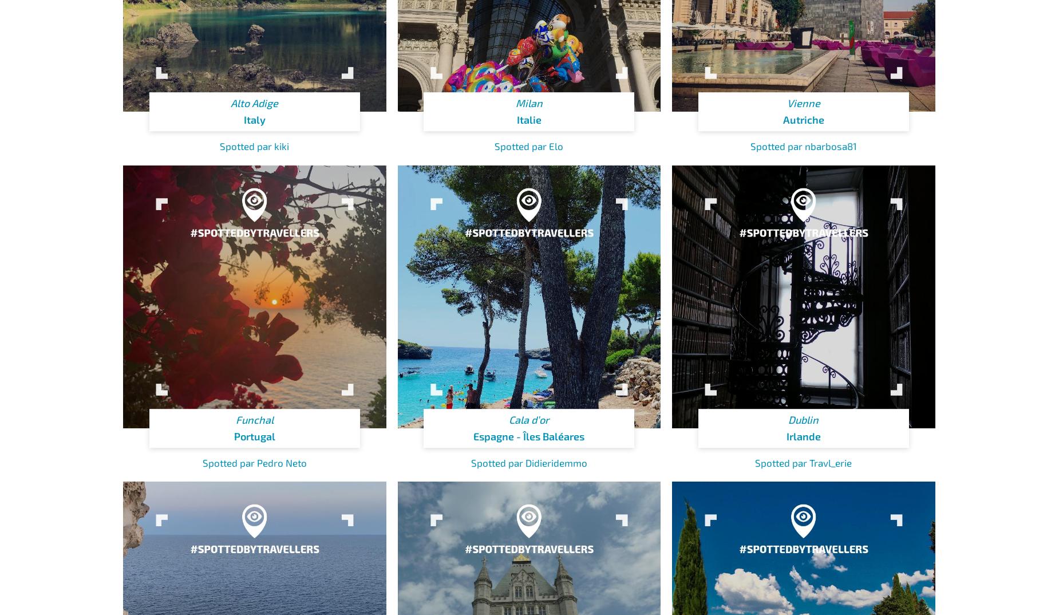 This screenshot has height=615, width=1059. Describe the element at coordinates (254, 145) in the screenshot. I see `'Spotted par kiki'` at that location.